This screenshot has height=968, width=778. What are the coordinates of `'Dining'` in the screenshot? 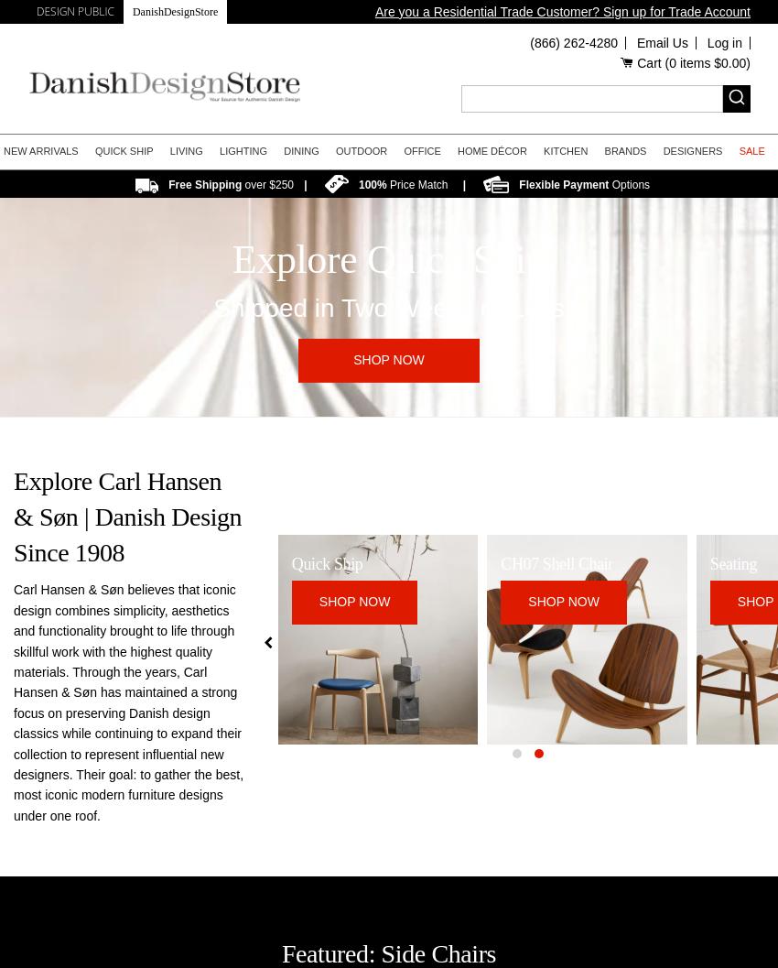 It's located at (301, 150).